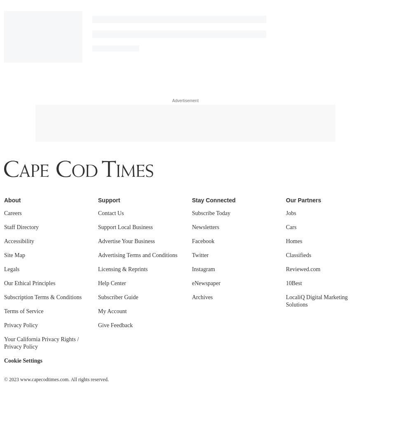 Image resolution: width=412 pixels, height=424 pixels. Describe the element at coordinates (98, 67) in the screenshot. I see `'Subscriber Guide'` at that location.